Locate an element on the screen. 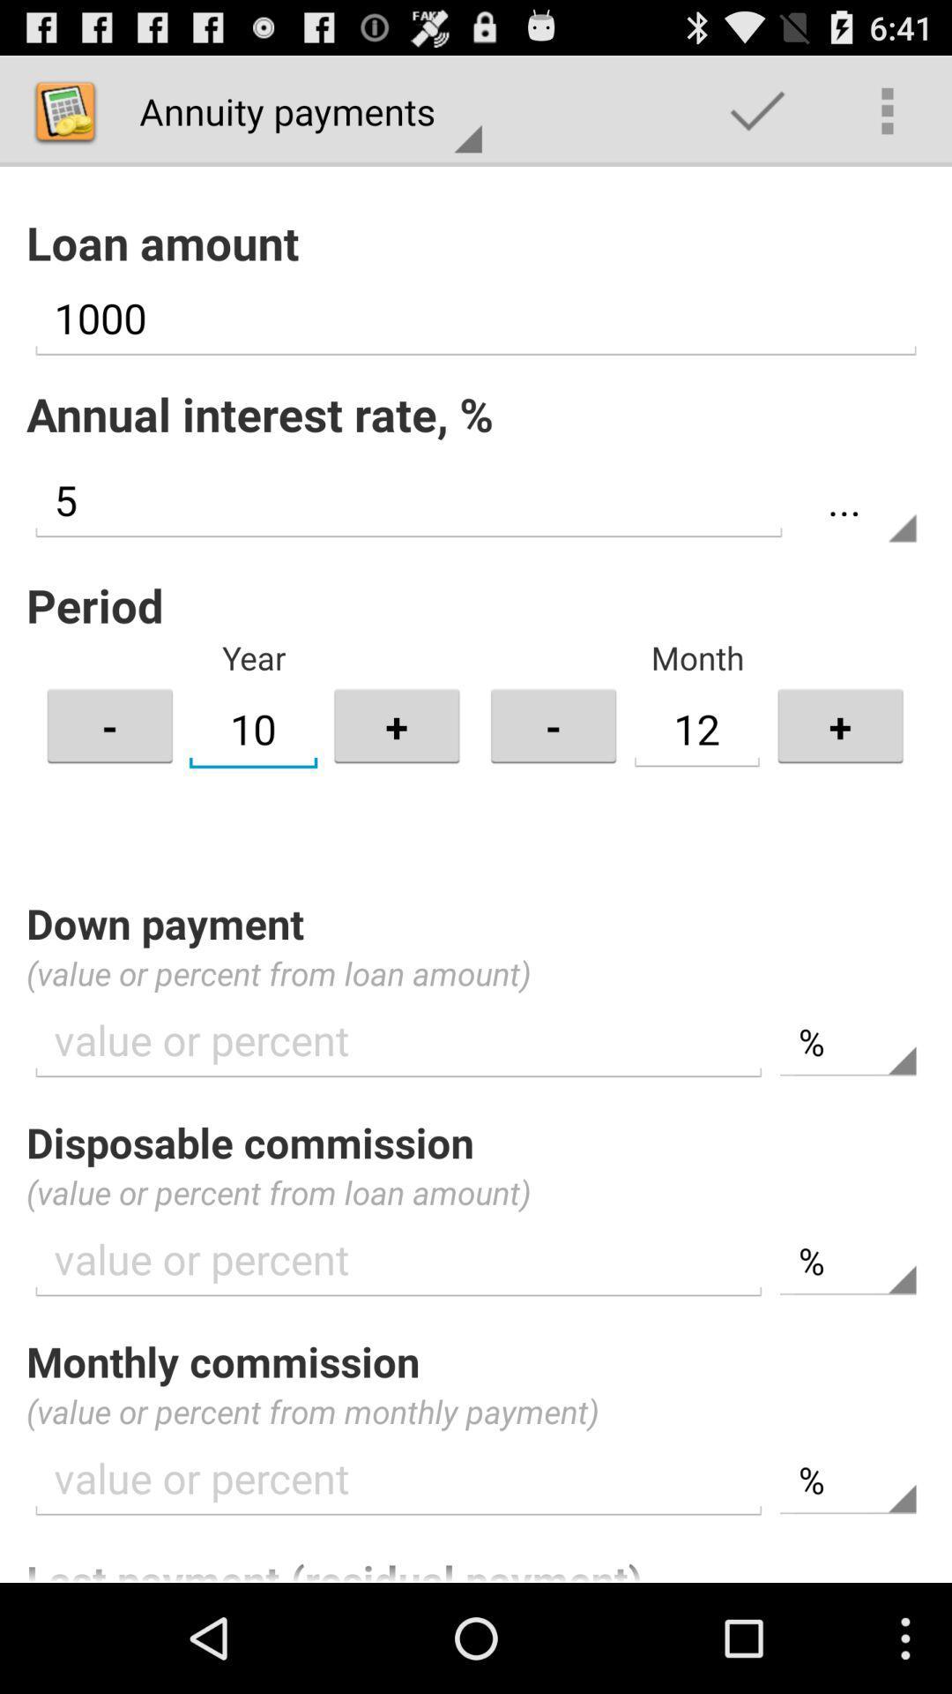  the button next to annuity payments is located at coordinates (756, 109).